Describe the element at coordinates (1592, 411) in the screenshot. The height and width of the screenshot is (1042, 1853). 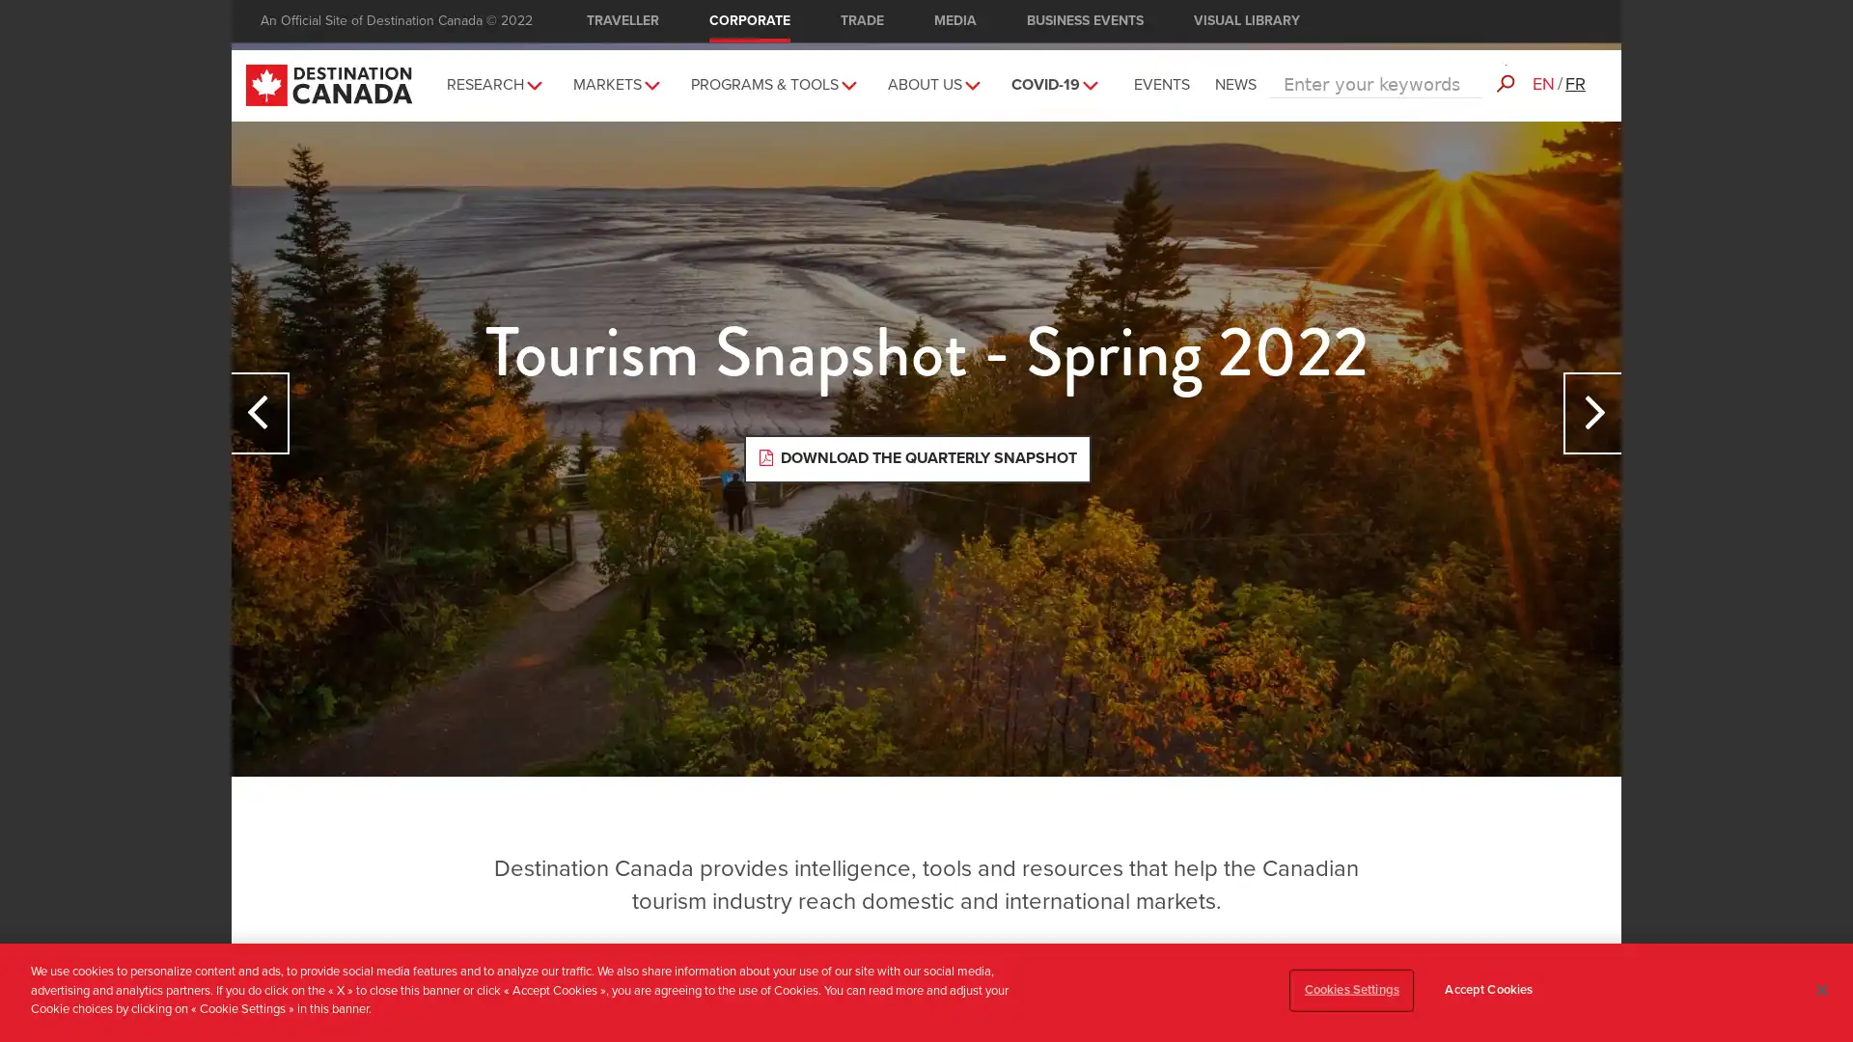
I see `next` at that location.